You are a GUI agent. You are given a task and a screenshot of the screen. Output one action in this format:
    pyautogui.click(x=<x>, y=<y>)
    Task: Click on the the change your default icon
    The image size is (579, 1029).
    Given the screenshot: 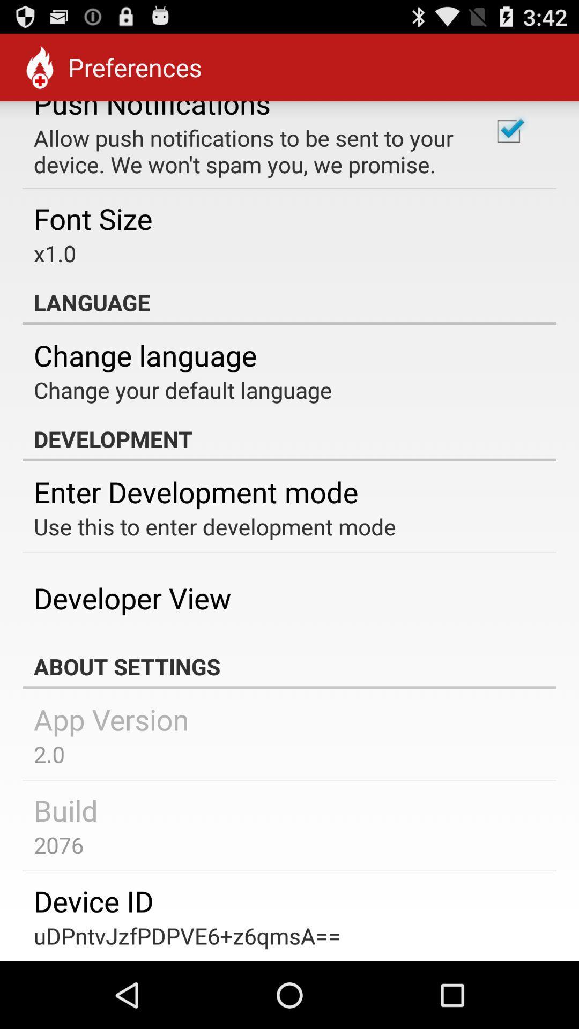 What is the action you would take?
    pyautogui.click(x=182, y=389)
    